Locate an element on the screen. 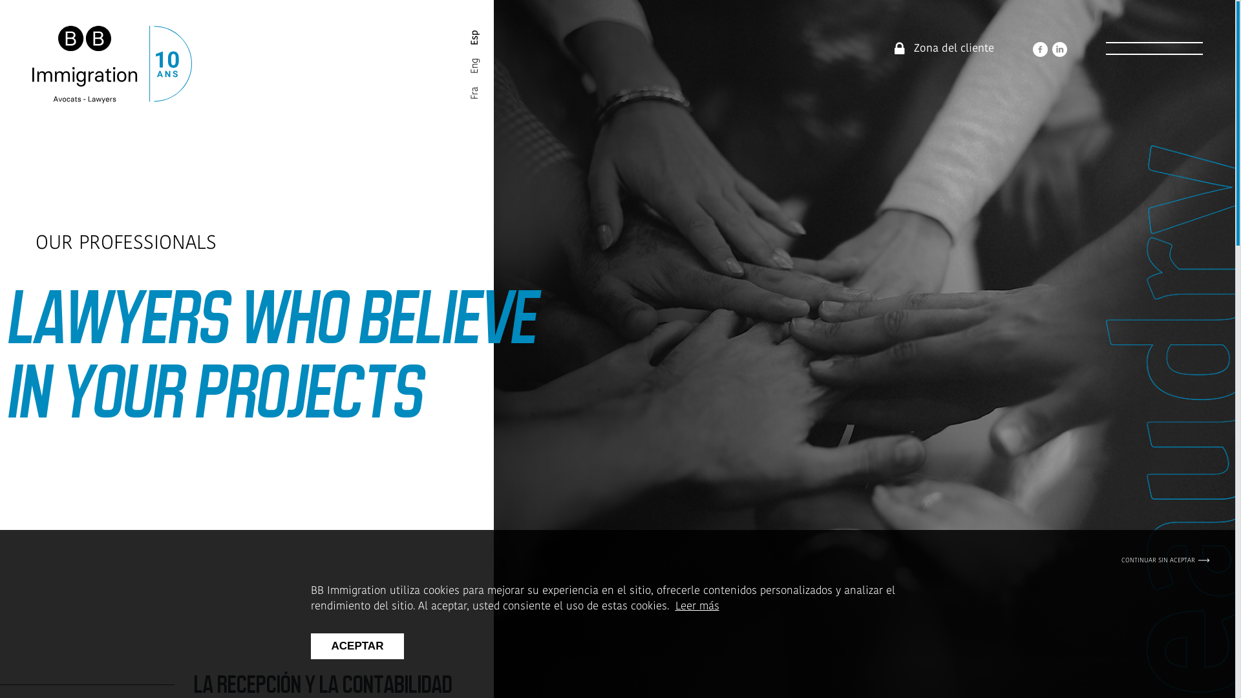 The width and height of the screenshot is (1241, 698). 'ACEPTAR' is located at coordinates (357, 646).